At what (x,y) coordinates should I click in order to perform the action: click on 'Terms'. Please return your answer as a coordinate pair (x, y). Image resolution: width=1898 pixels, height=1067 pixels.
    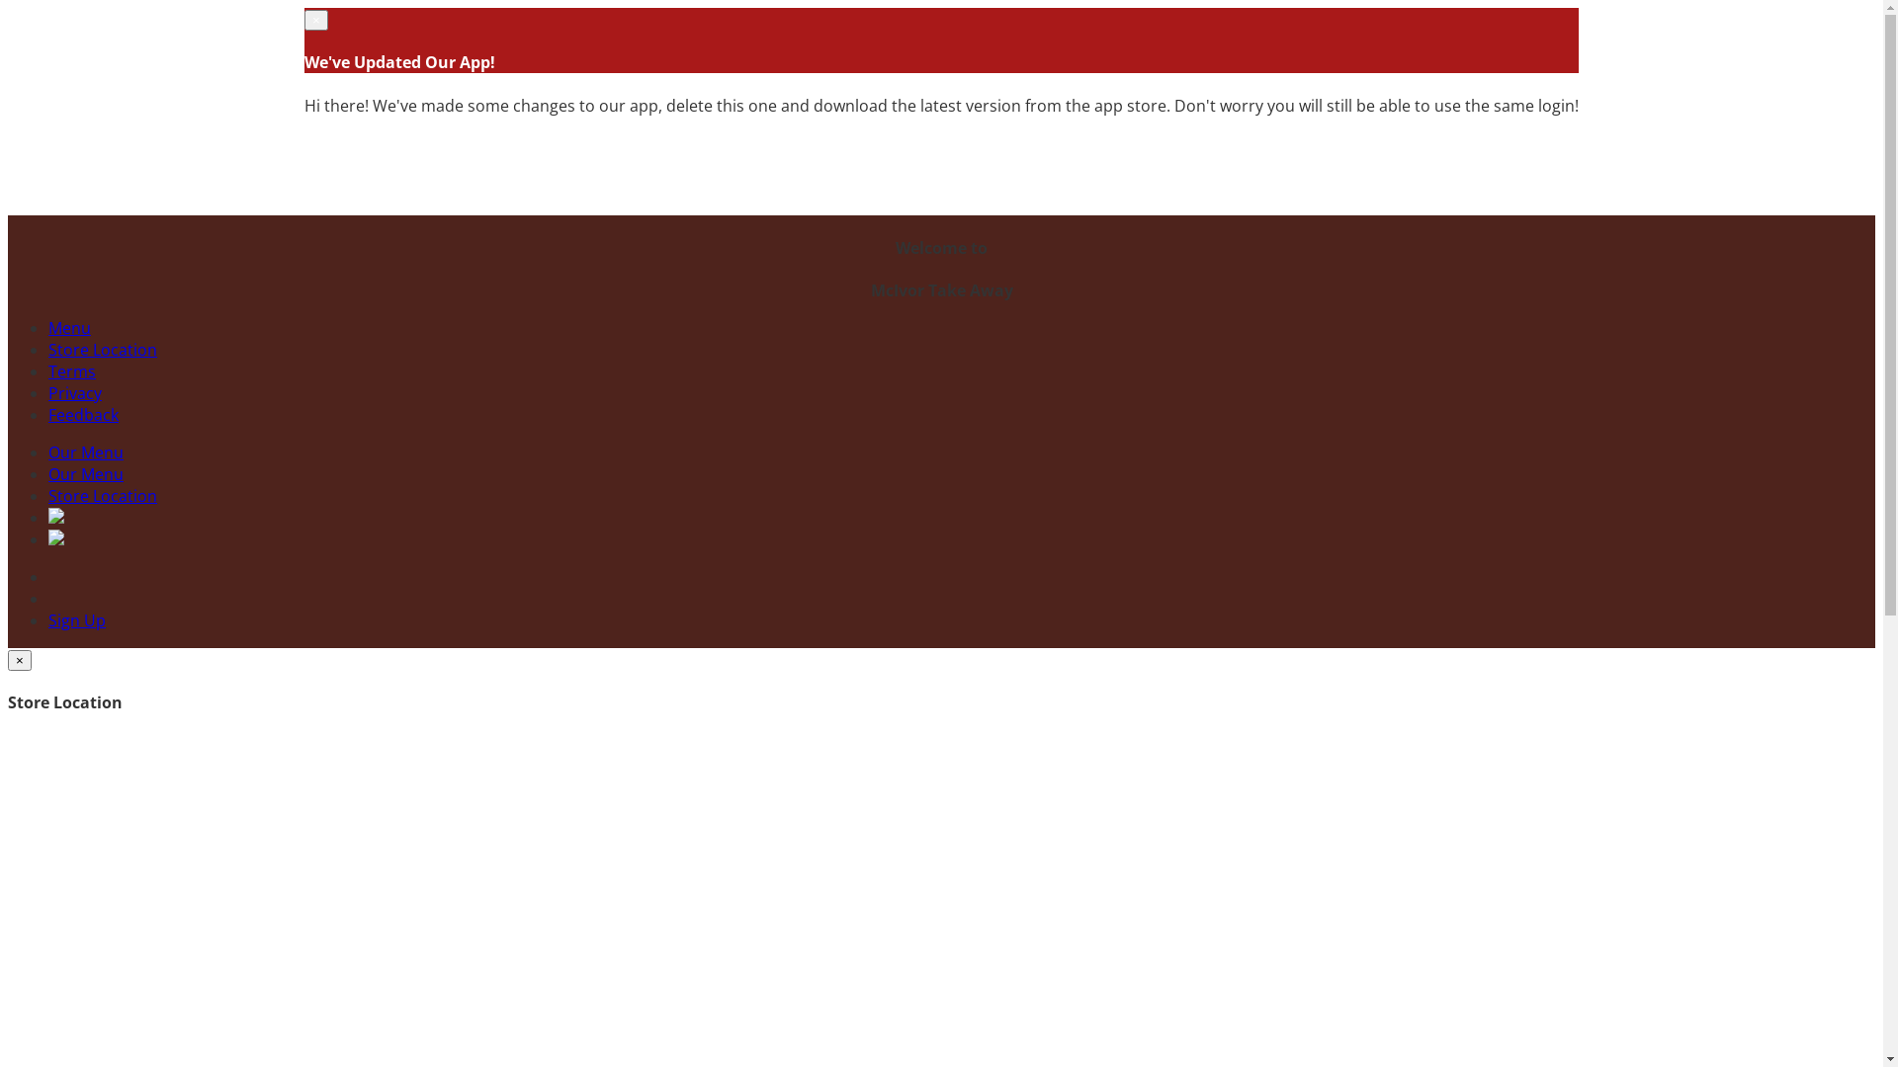
    Looking at the image, I should click on (71, 370).